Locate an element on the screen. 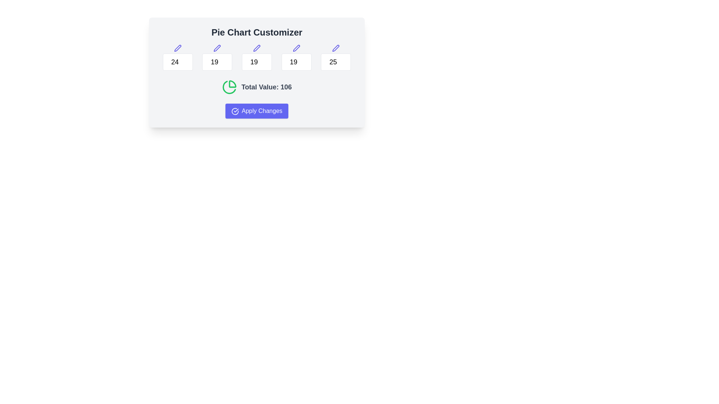  the third pen icon from the left, which is indigo colored and located above the second input box displaying the number '19', to initiate editing is located at coordinates (257, 48).